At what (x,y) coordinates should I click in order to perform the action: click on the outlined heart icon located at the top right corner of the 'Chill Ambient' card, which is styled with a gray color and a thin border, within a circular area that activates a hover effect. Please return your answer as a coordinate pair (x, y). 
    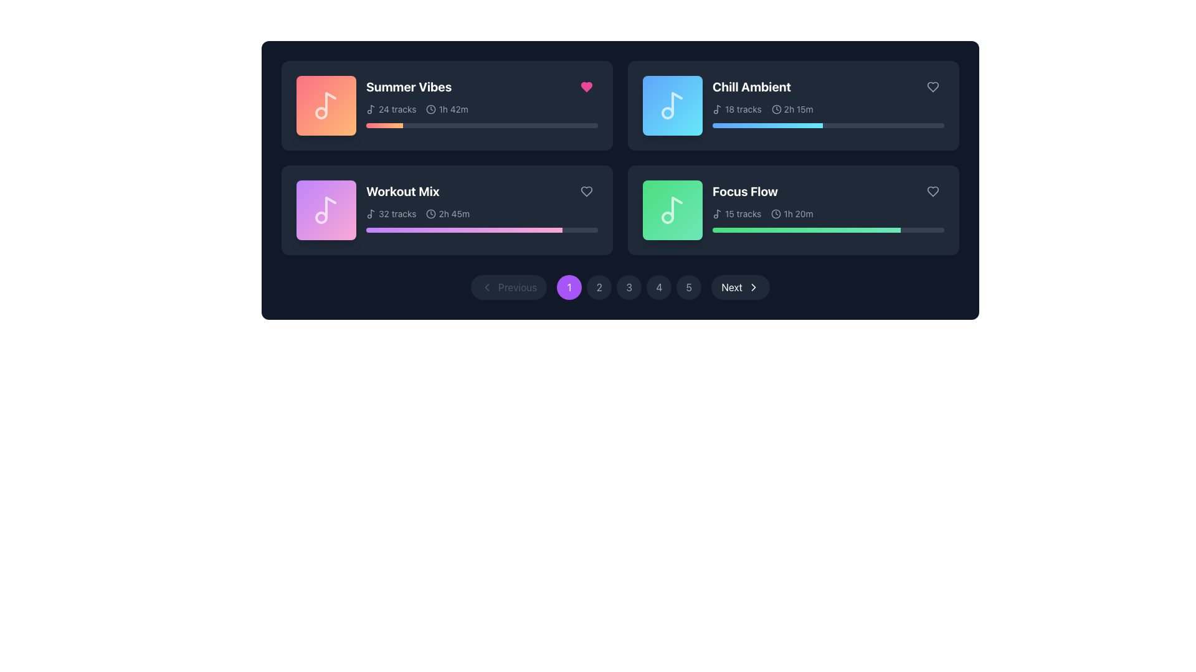
    Looking at the image, I should click on (933, 86).